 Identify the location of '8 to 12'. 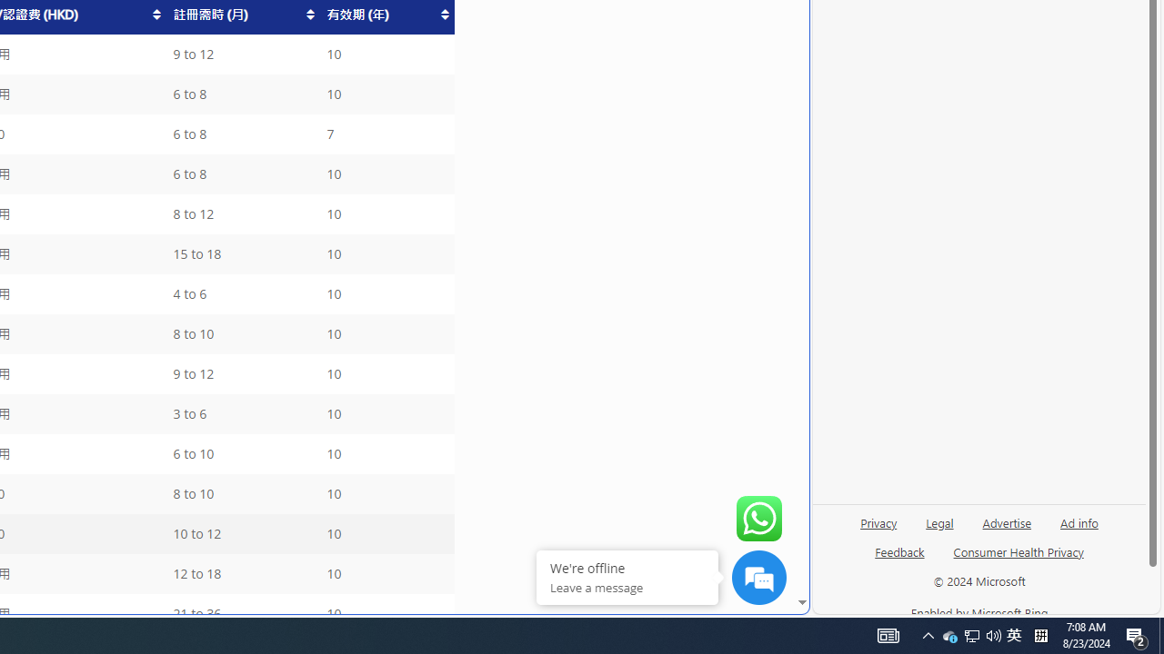
(241, 213).